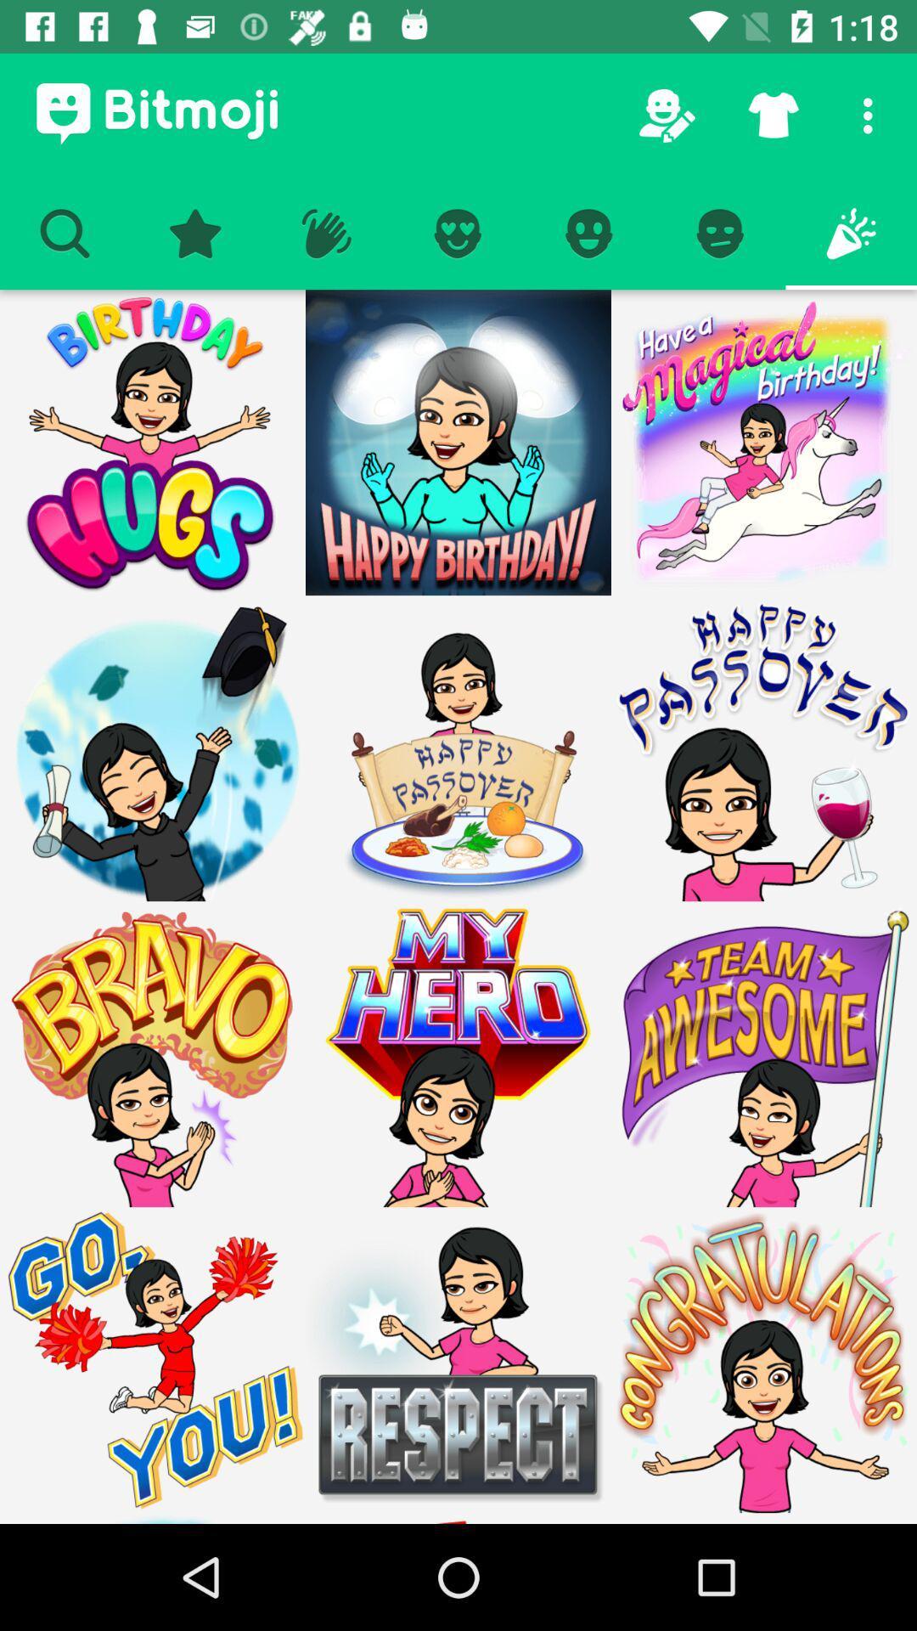  Describe the element at coordinates (458, 1360) in the screenshot. I see `image` at that location.